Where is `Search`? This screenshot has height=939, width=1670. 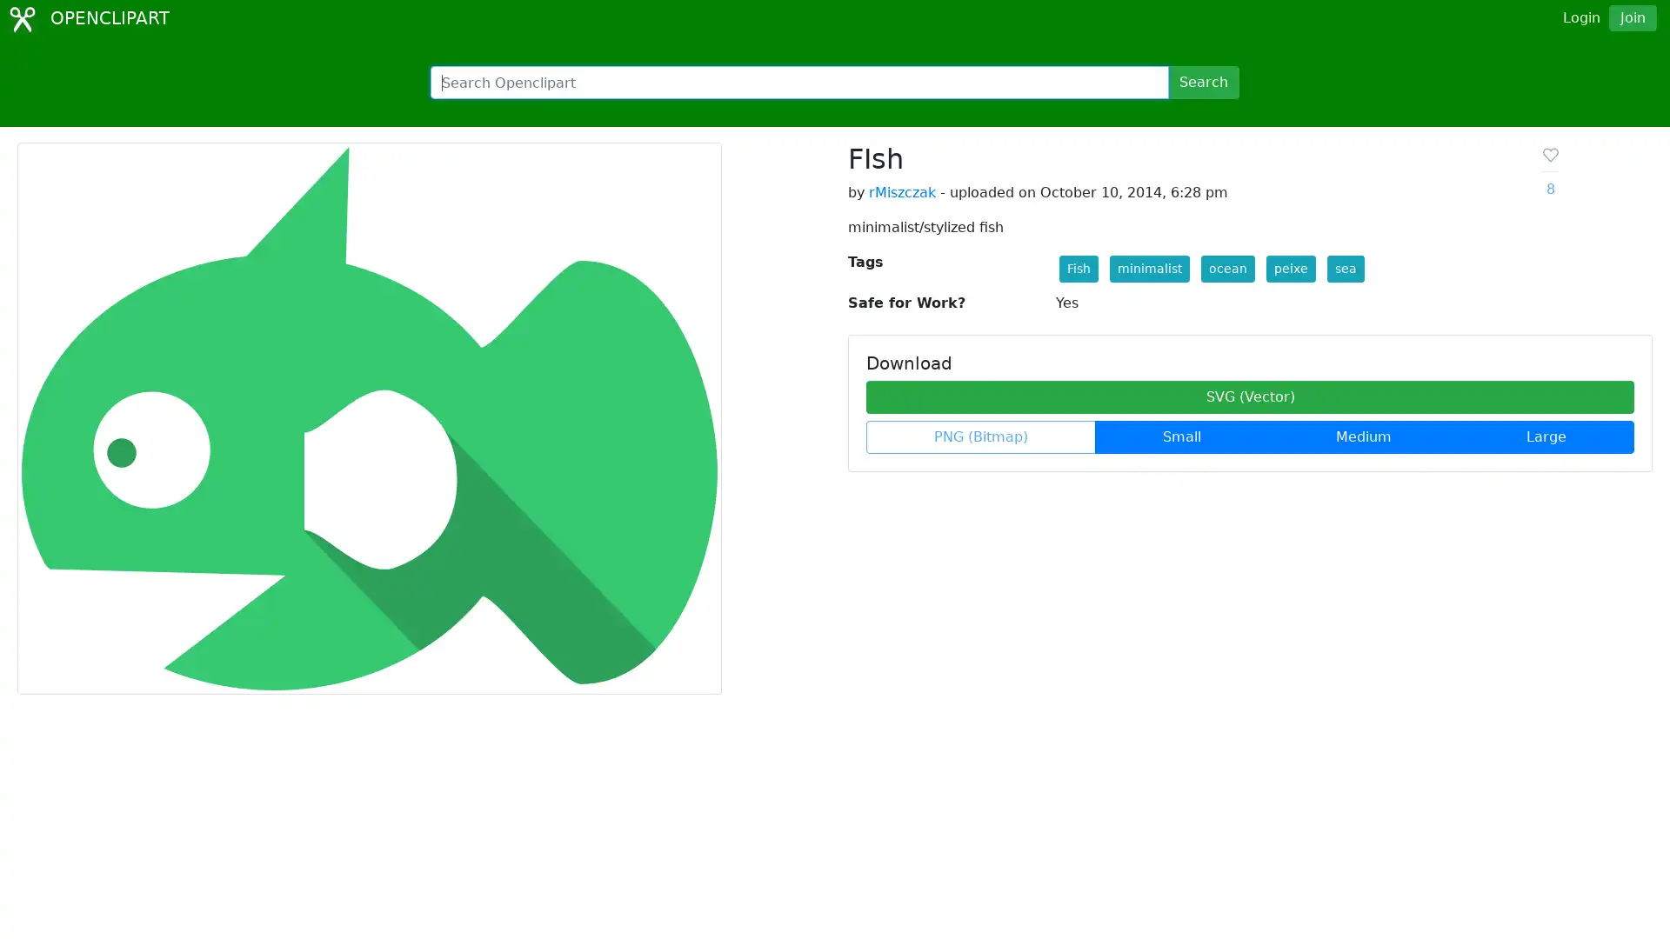 Search is located at coordinates (1202, 83).